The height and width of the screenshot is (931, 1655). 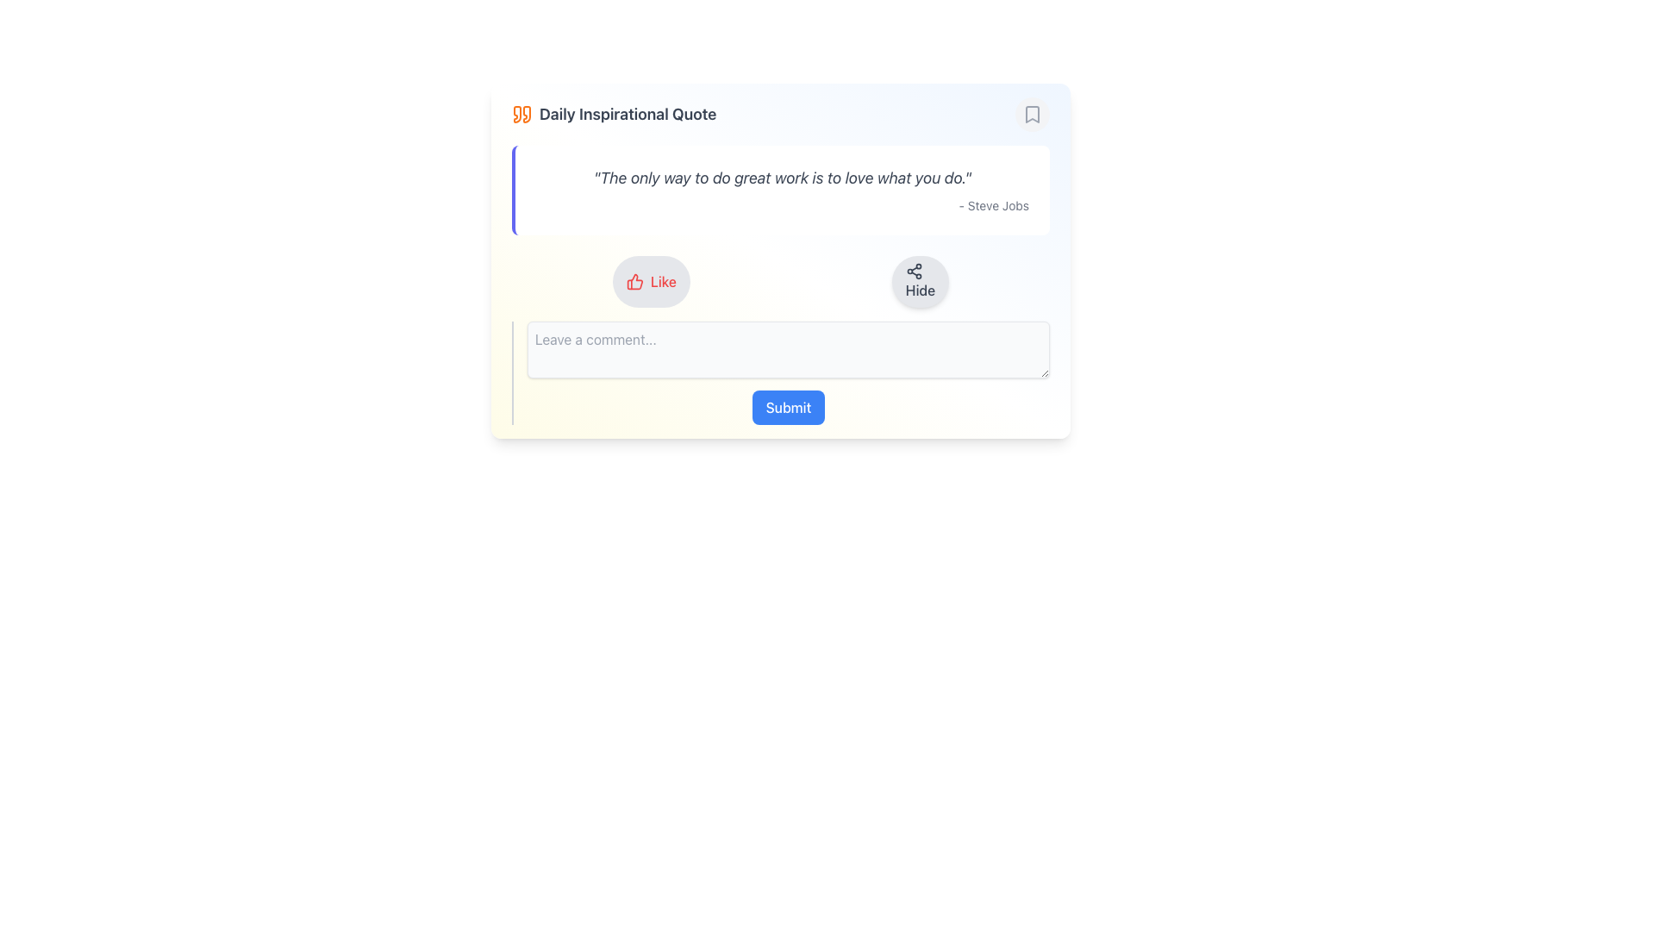 I want to click on the 'Hide' button, which has a rounded rectangle shape, gray background, and gray text, so click(x=919, y=281).